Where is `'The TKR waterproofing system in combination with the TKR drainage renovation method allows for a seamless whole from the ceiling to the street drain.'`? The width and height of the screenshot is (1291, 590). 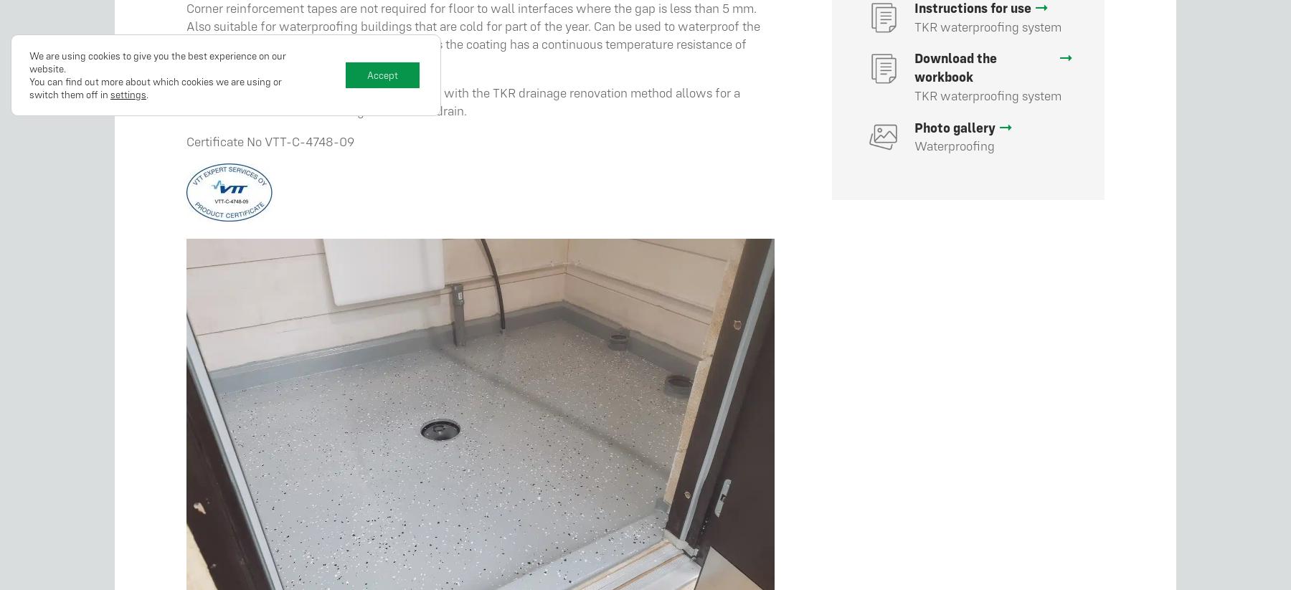
'The TKR waterproofing system in combination with the TKR drainage renovation method allows for a seamless whole from the ceiling to the street drain.' is located at coordinates (463, 100).